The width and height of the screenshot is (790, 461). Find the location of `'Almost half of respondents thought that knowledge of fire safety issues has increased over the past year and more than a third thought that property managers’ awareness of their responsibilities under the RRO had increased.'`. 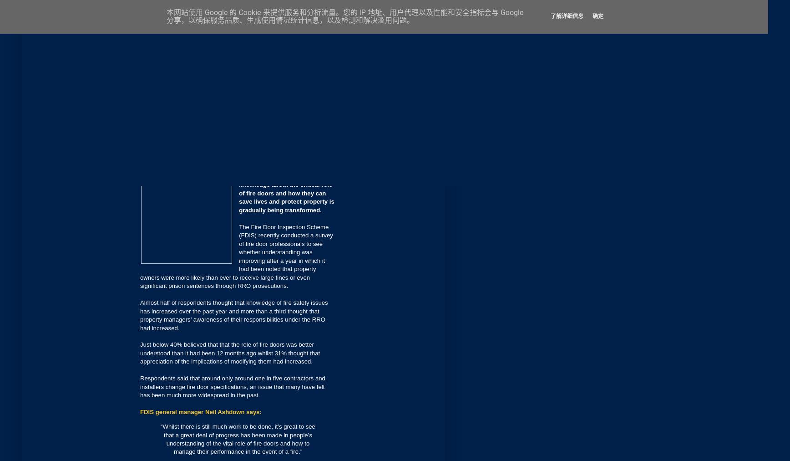

'Almost half of respondents thought that knowledge of fire safety issues has increased over the past year and more than a third thought that property managers’ awareness of their responsibilities under the RRO had increased.' is located at coordinates (234, 315).